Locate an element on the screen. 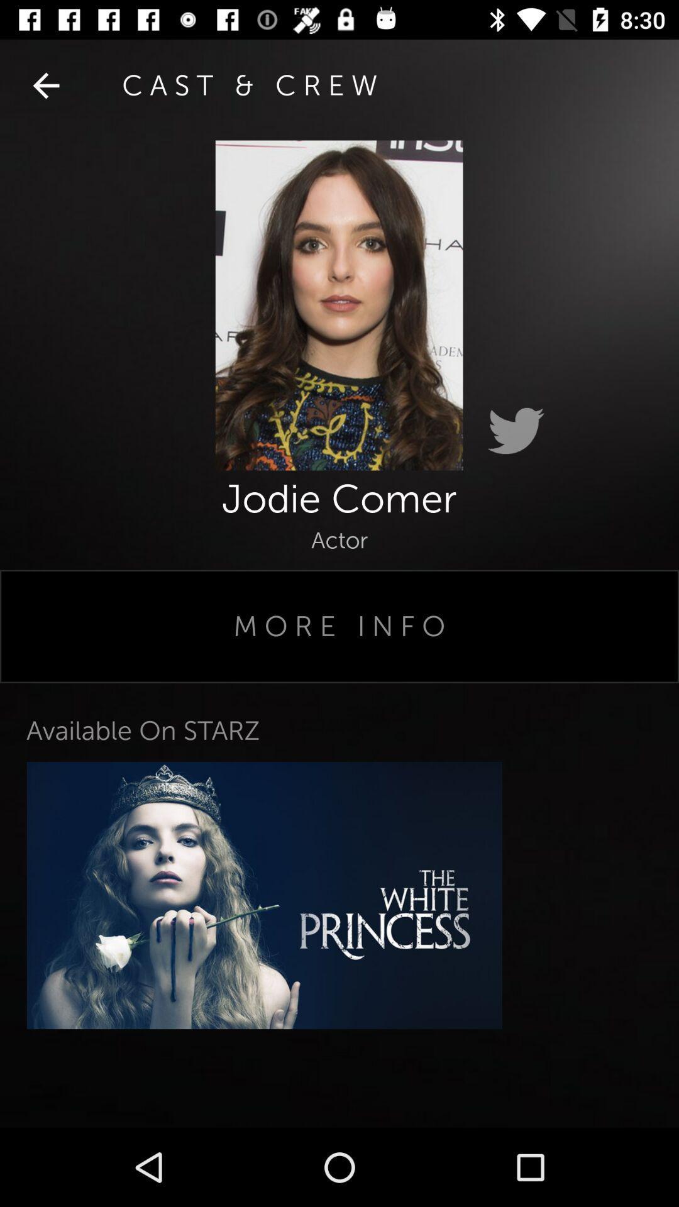  item next to cast & crew is located at coordinates (45, 85).